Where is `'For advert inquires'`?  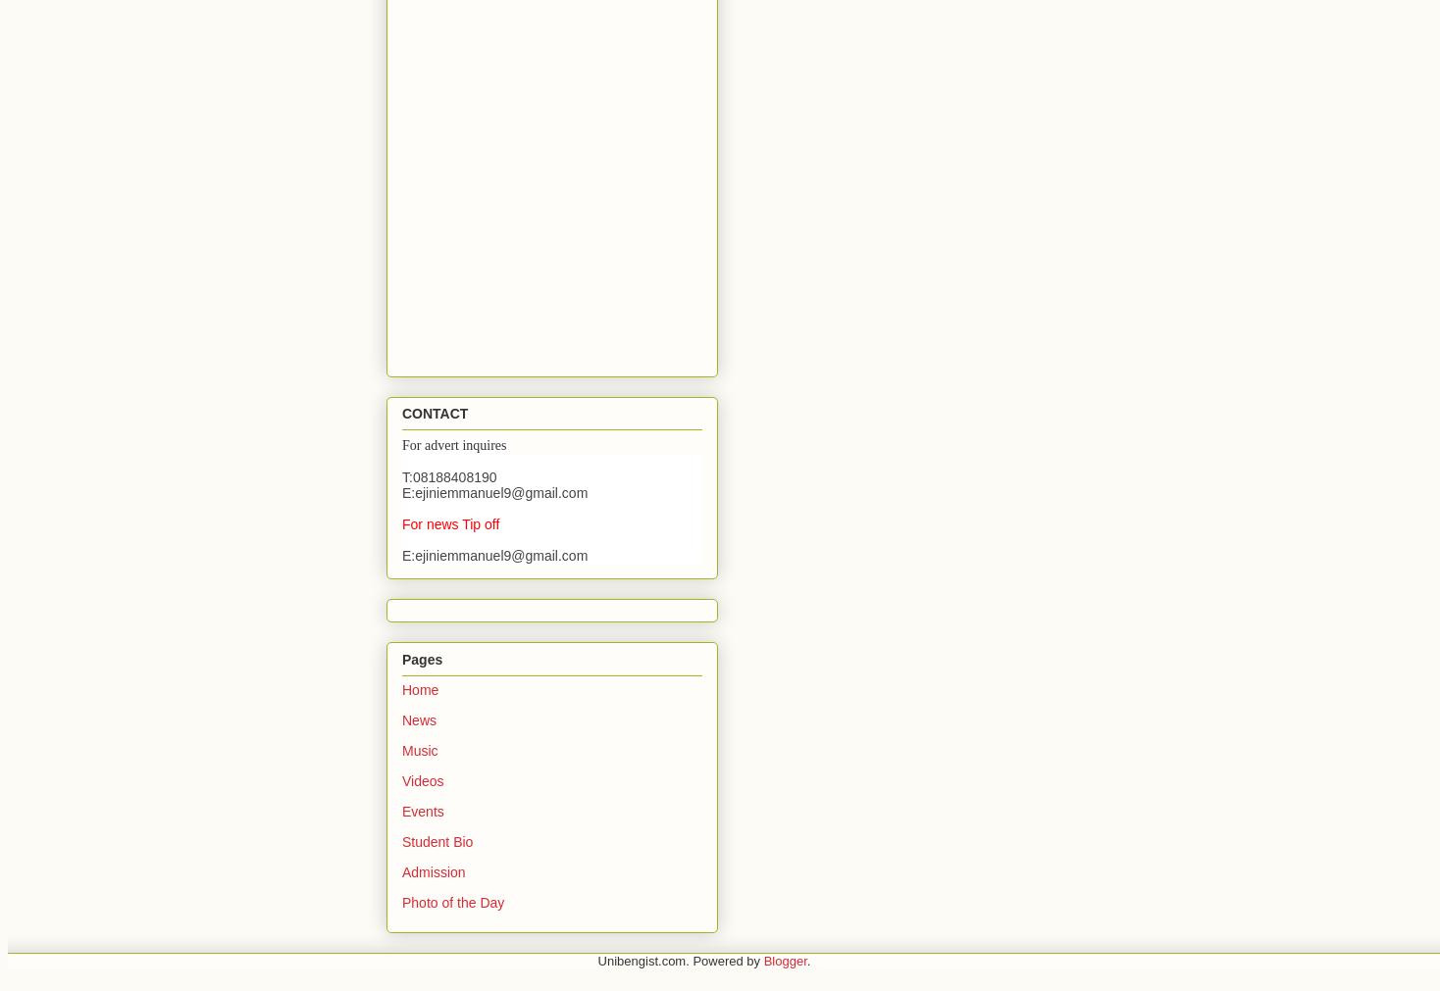 'For advert inquires' is located at coordinates (454, 444).